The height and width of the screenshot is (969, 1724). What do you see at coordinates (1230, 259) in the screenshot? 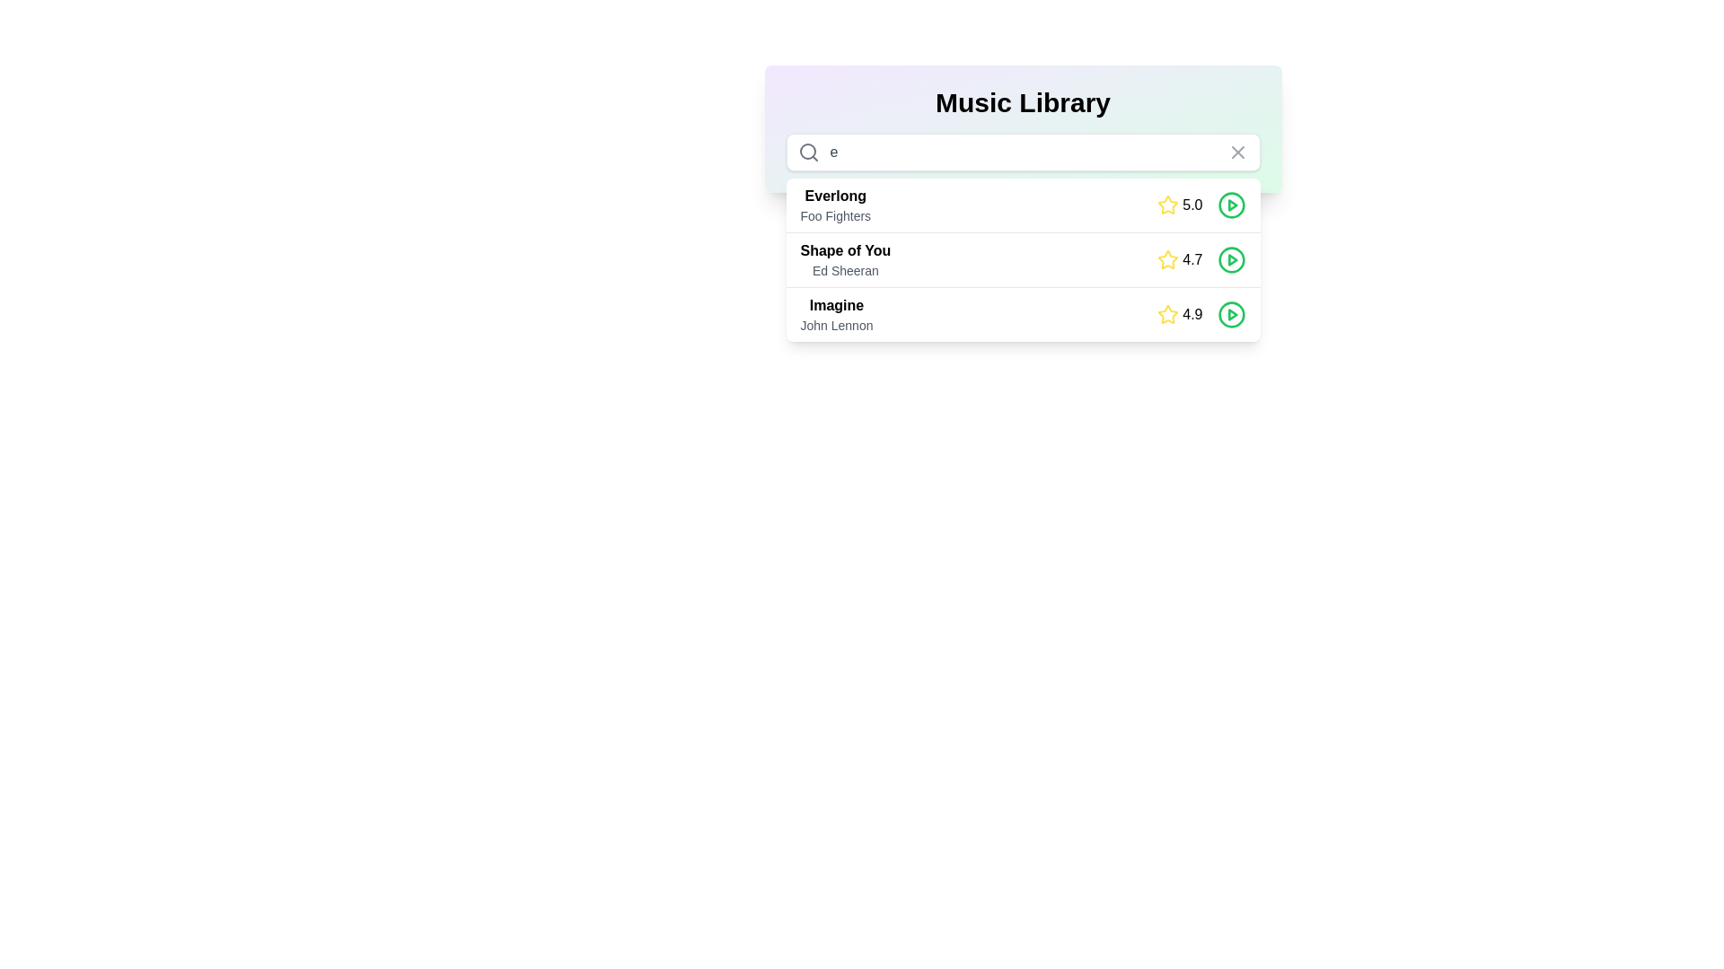
I see `the green circular play button for the song 'Shape of You' by Ed Sheeran to observe the scaling effect` at bounding box center [1230, 259].